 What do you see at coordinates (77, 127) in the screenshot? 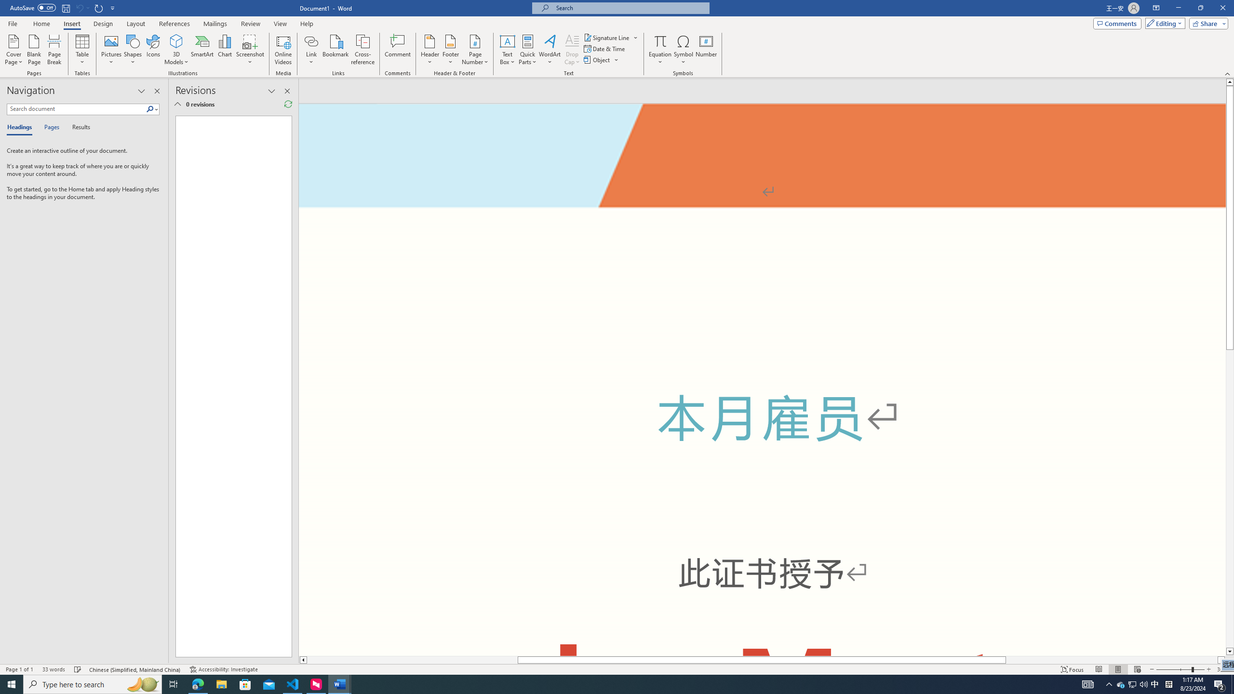
I see `'Results'` at bounding box center [77, 127].